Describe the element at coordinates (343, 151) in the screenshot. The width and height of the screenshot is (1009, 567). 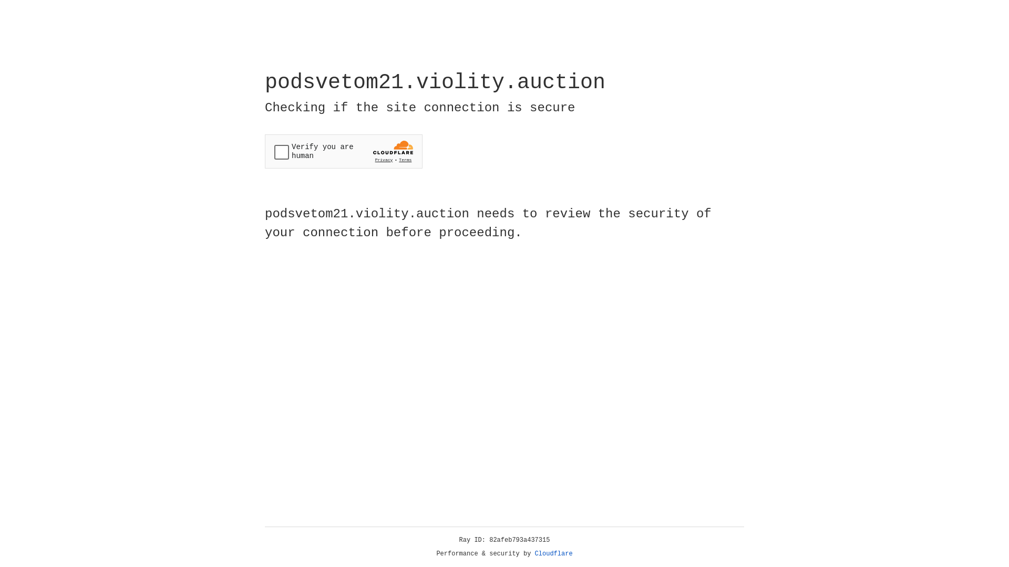
I see `'Widget containing a Cloudflare security challenge'` at that location.